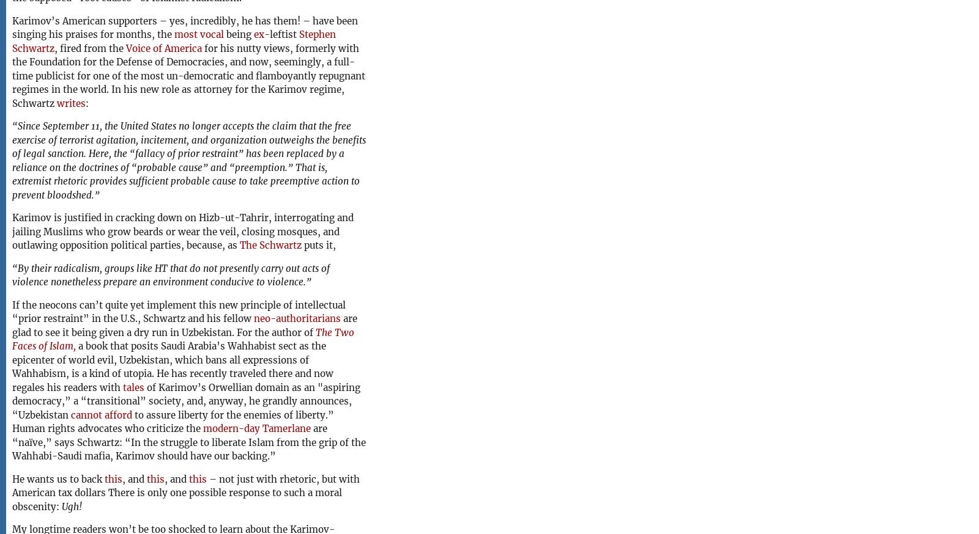  What do you see at coordinates (174, 40) in the screenshot?
I see `'Stephen Schwartz'` at bounding box center [174, 40].